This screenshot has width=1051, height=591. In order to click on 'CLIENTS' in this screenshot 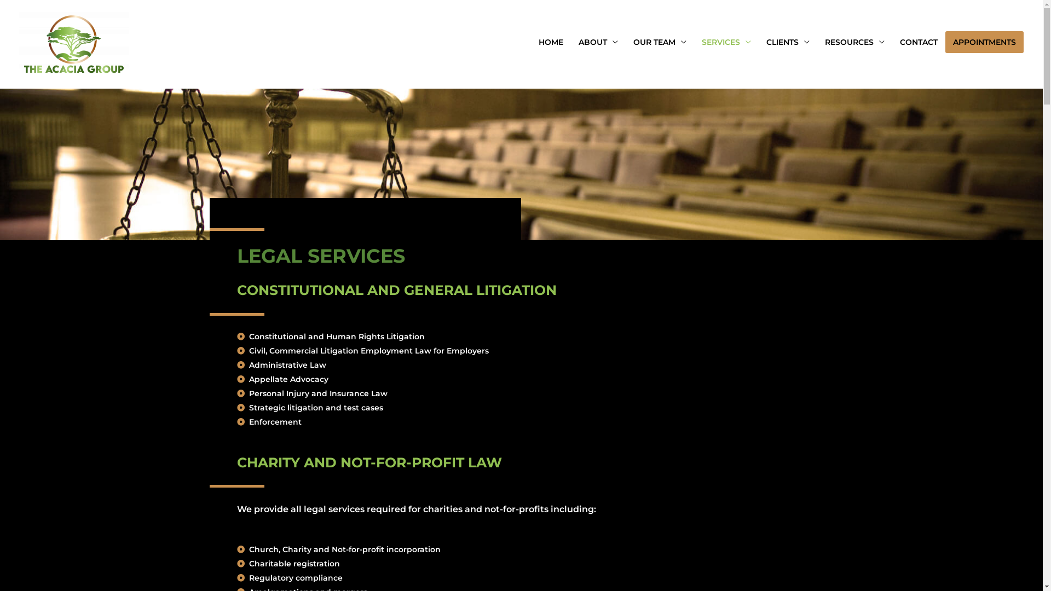, I will do `click(787, 42)`.